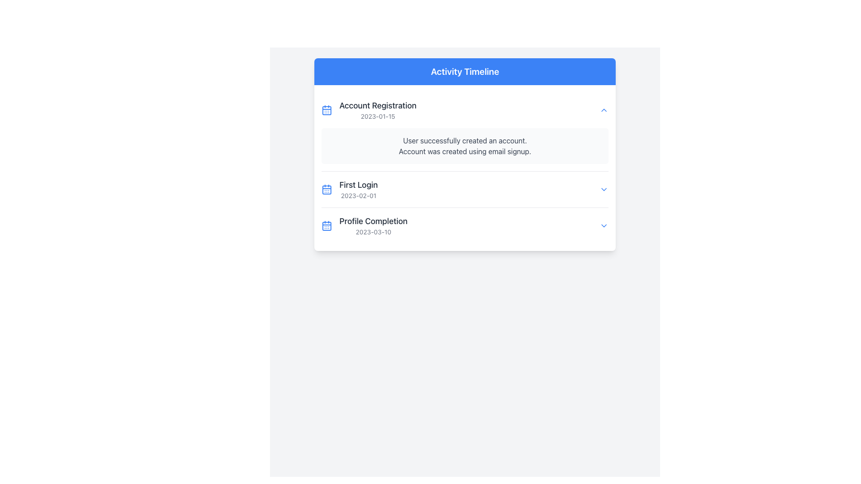 This screenshot has width=861, height=484. I want to click on the 'Profile Completion' entry in the Activity Timeline, so click(364, 225).